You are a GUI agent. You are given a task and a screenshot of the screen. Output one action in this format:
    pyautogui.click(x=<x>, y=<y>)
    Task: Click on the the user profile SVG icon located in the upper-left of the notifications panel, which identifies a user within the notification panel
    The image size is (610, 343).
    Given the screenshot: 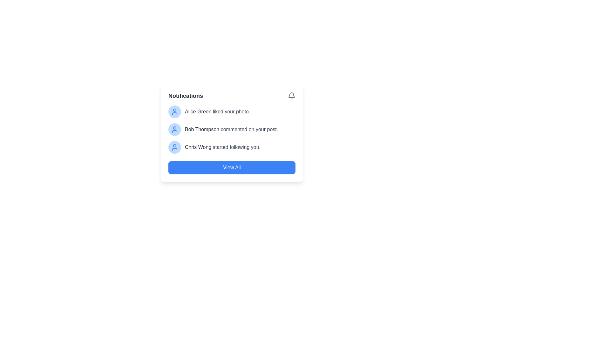 What is the action you would take?
    pyautogui.click(x=175, y=129)
    